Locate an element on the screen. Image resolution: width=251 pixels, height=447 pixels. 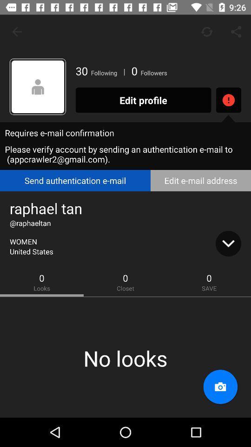
the icon to the right of united states icon is located at coordinates (228, 243).